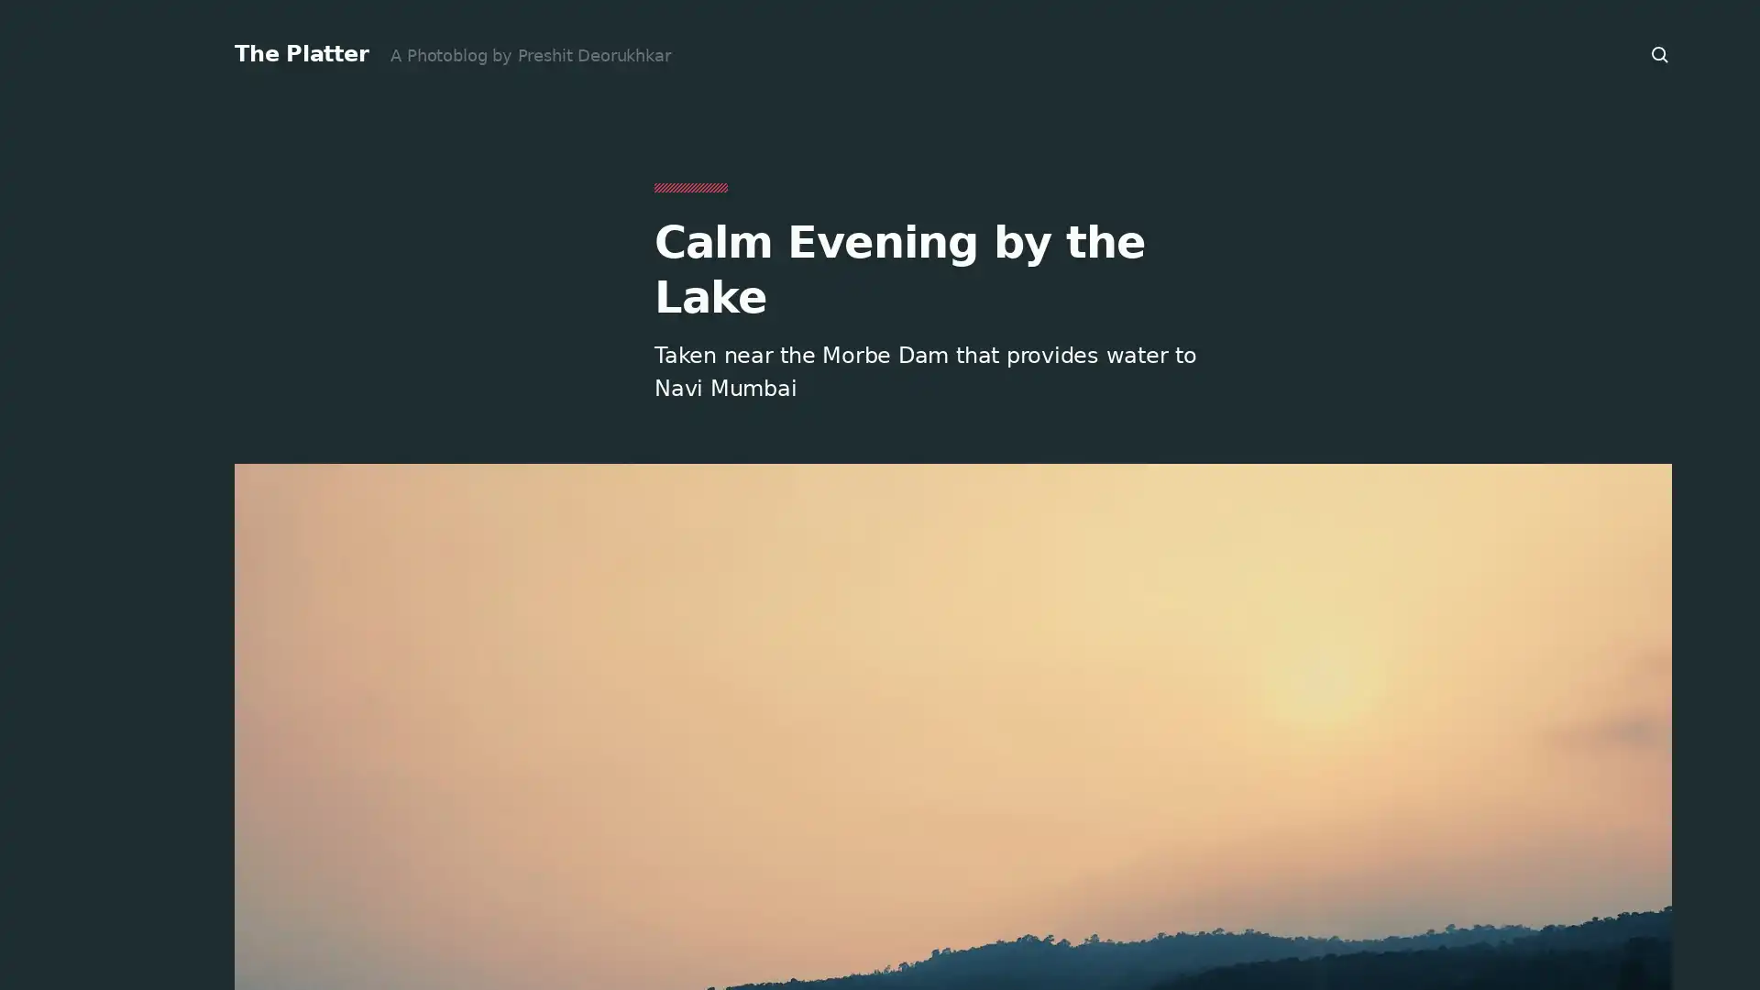 This screenshot has height=990, width=1760. What do you see at coordinates (1660, 54) in the screenshot?
I see `Search` at bounding box center [1660, 54].